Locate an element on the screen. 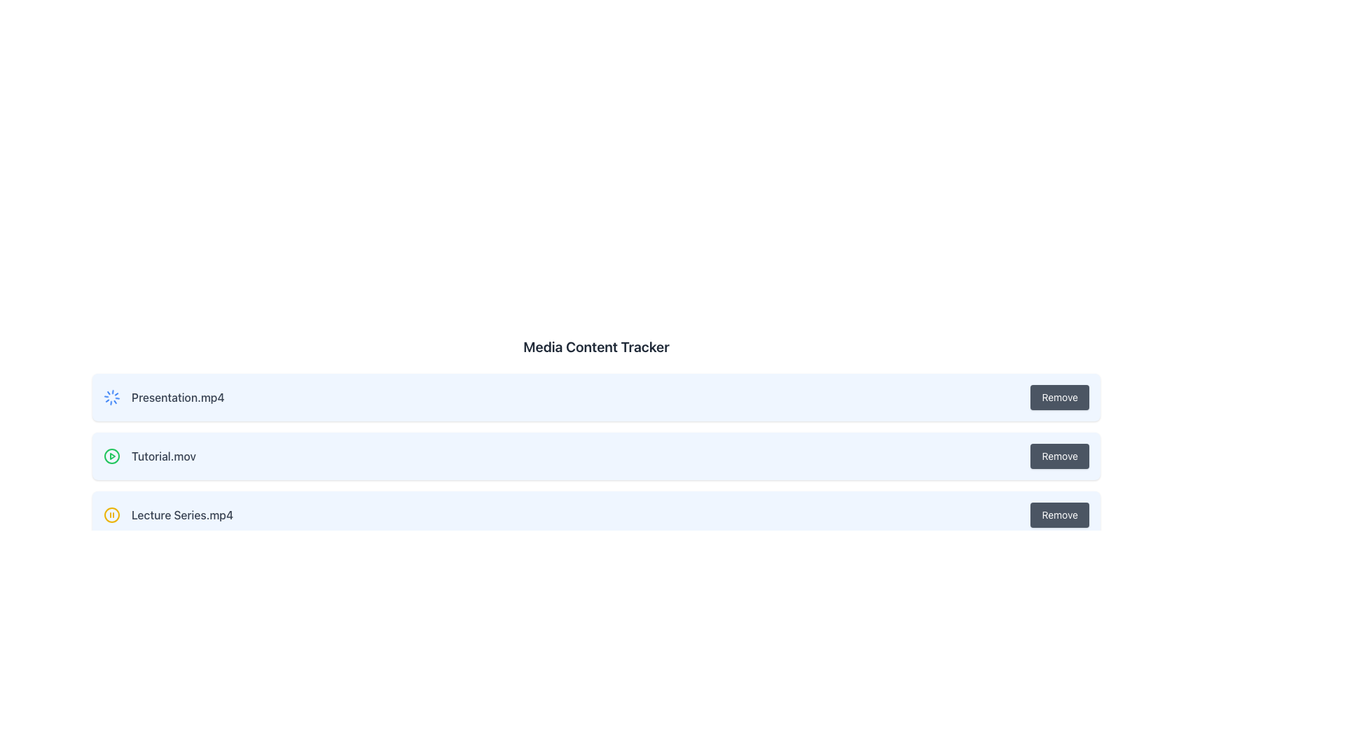  the yellow circular pause icon next to the 'Lecture Series.mp4' label to interact with the media controls is located at coordinates (168, 515).